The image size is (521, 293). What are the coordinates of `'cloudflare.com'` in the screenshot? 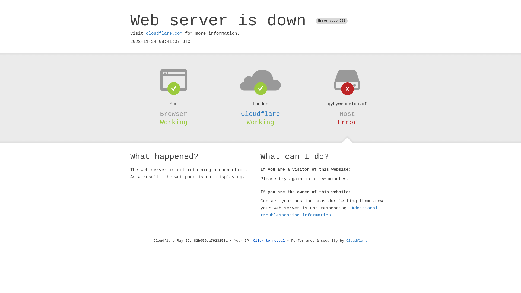 It's located at (164, 33).